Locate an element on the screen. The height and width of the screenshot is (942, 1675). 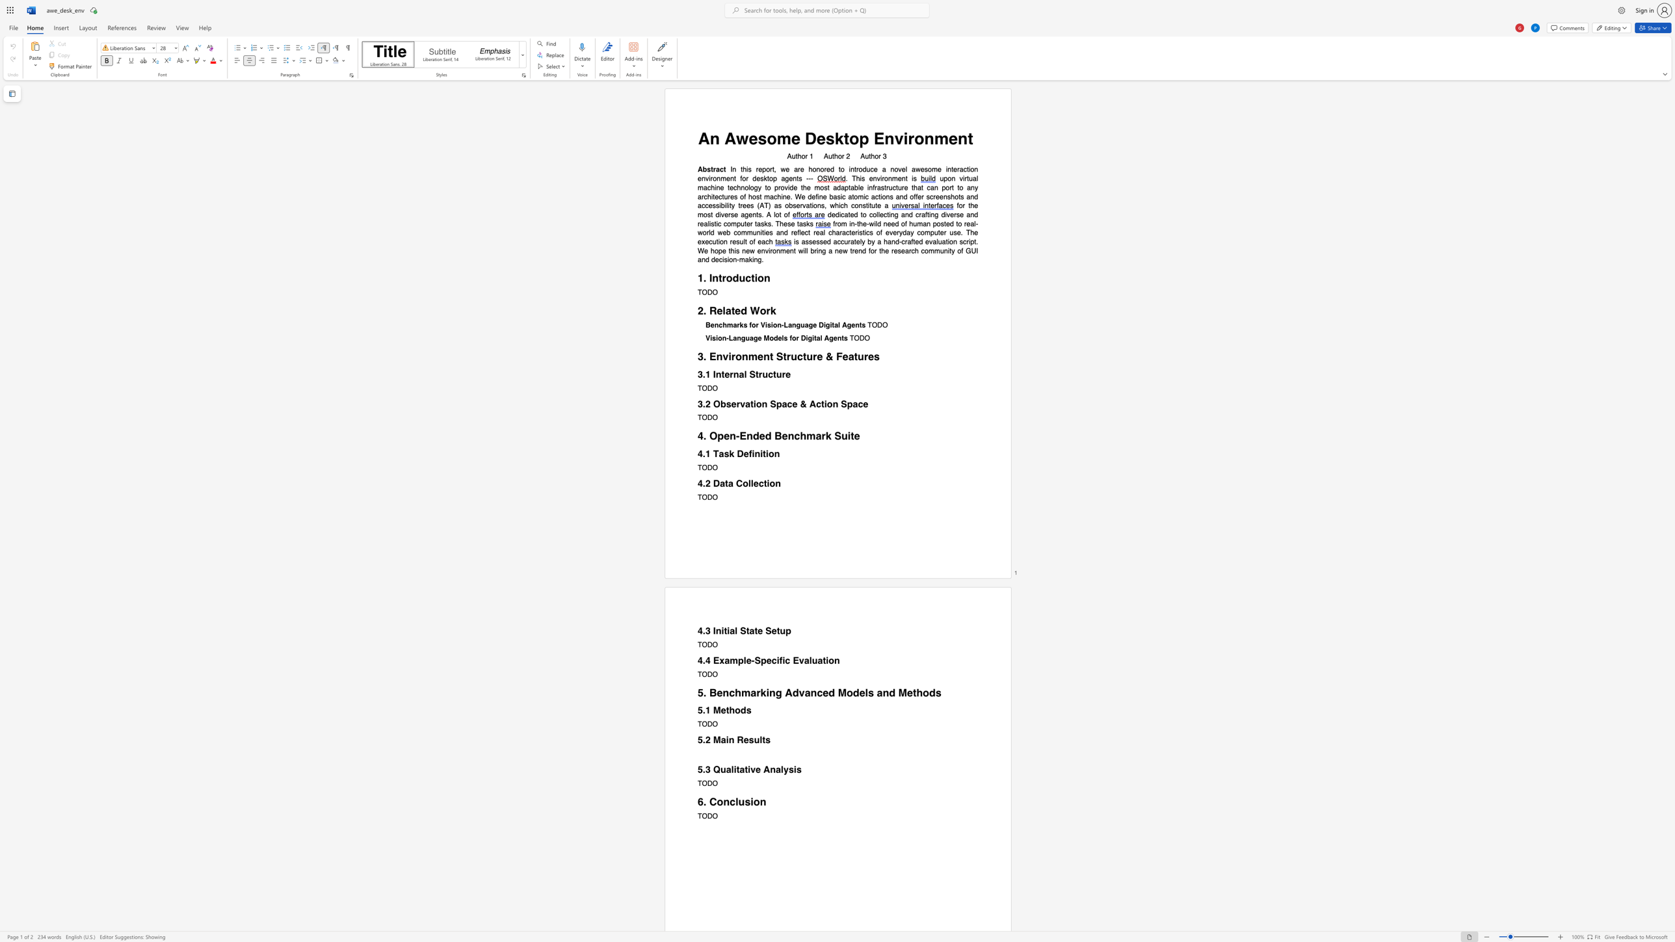
the subset text "ervation Space & Action Sp" within the text "3.2 Observation Space & Action Space" is located at coordinates (731, 404).